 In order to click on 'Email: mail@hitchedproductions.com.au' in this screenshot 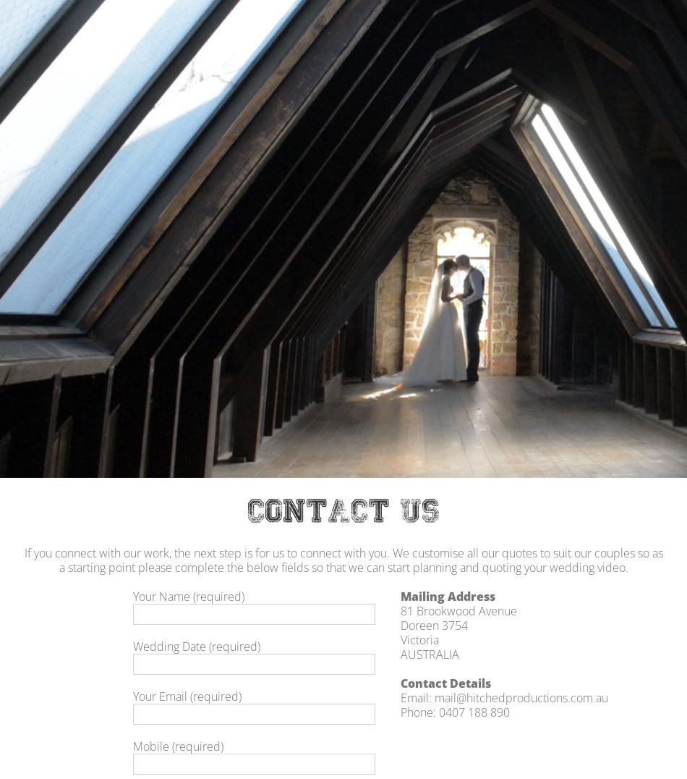, I will do `click(504, 697)`.